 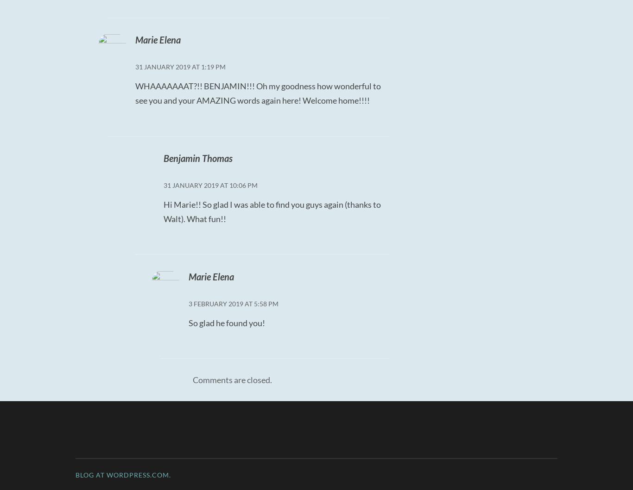 What do you see at coordinates (209, 185) in the screenshot?
I see `'31 January 2019 at 10:06 PM'` at bounding box center [209, 185].